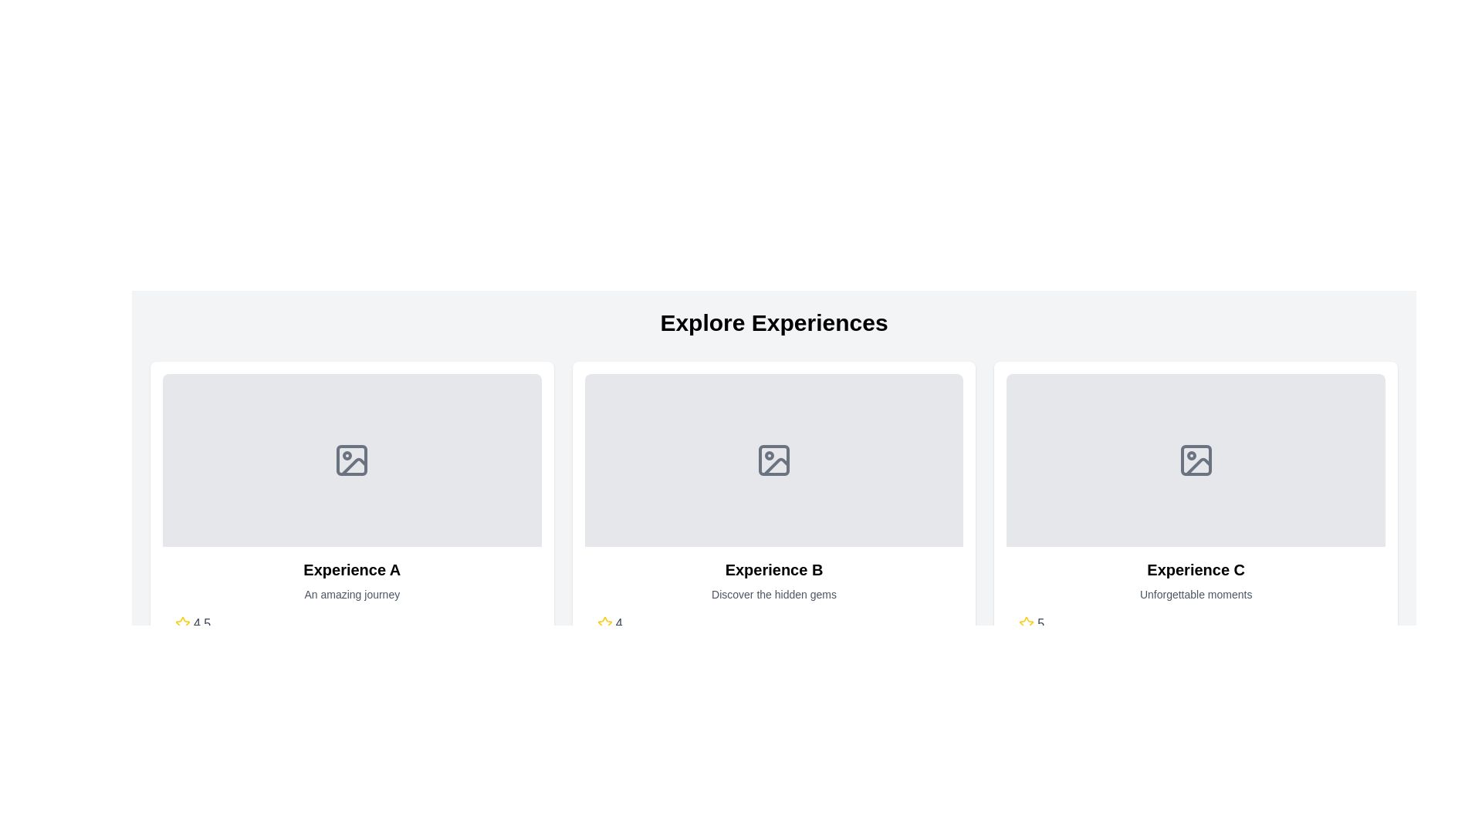 This screenshot has width=1482, height=833. Describe the element at coordinates (201, 623) in the screenshot. I see `displayed value '4.5' from the text component styled with a gray font color, located in the lower-left corner of the ratings section, next to the yellow star icon` at that location.